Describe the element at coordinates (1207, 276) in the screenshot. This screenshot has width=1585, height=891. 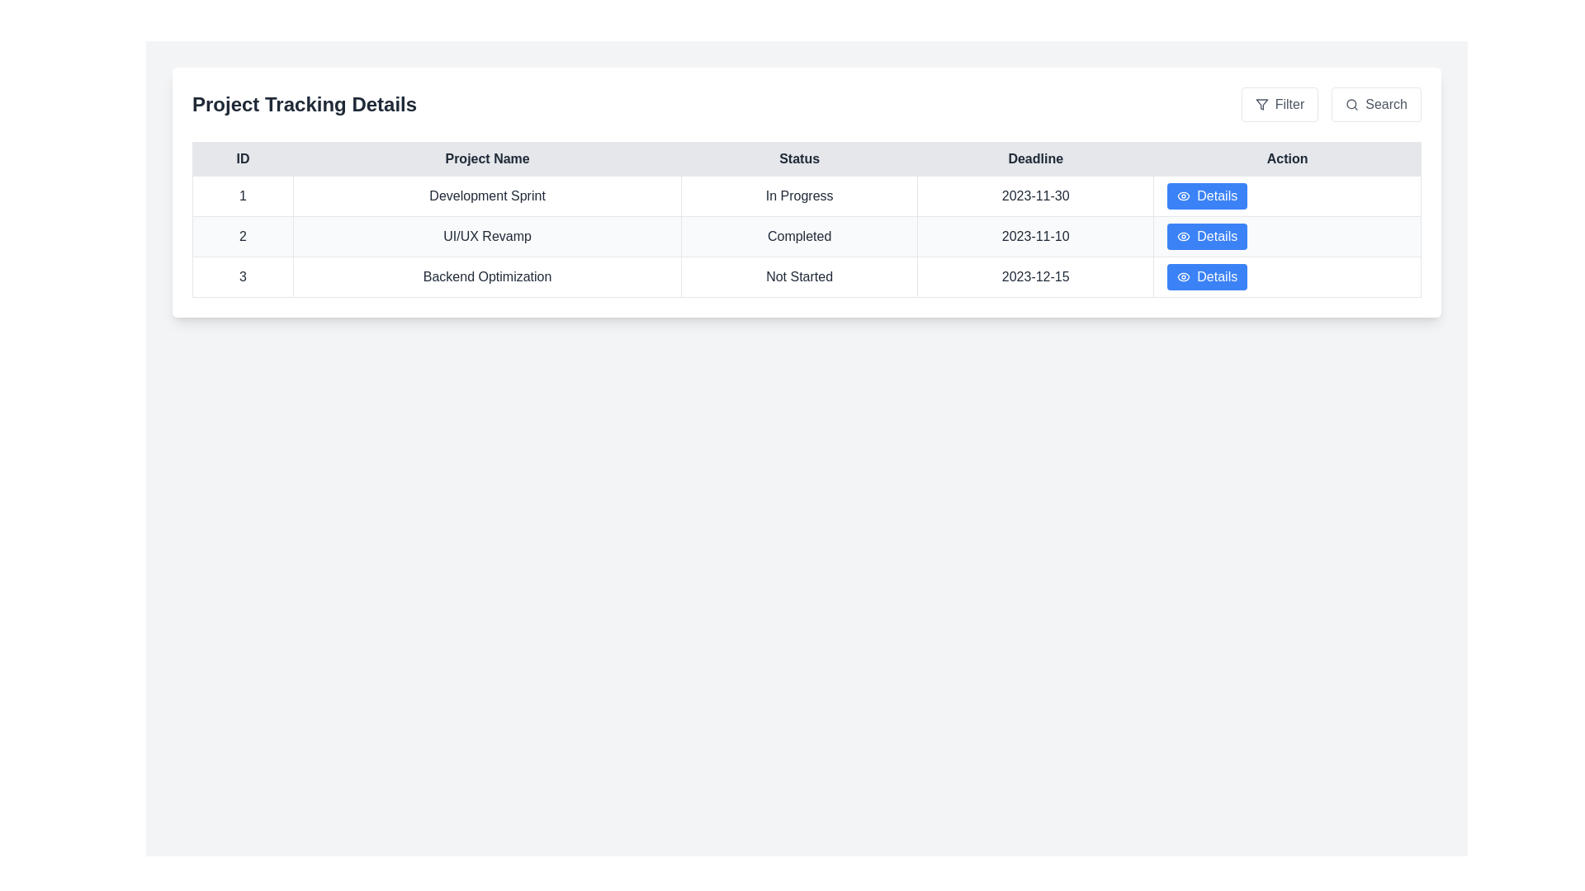
I see `the 'Details' button with a blue background and white text, located in the bottom row of the 'Action' column of the table, associated with 'Backend Optimization'` at that location.